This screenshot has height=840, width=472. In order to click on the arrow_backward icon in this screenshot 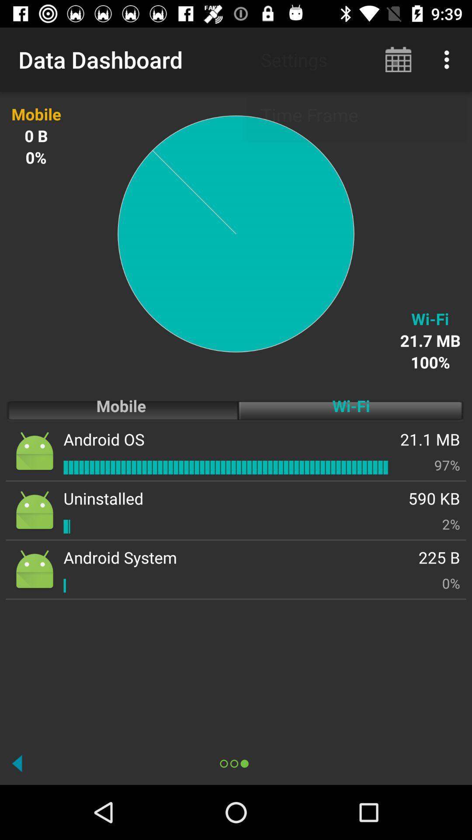, I will do `click(17, 763)`.